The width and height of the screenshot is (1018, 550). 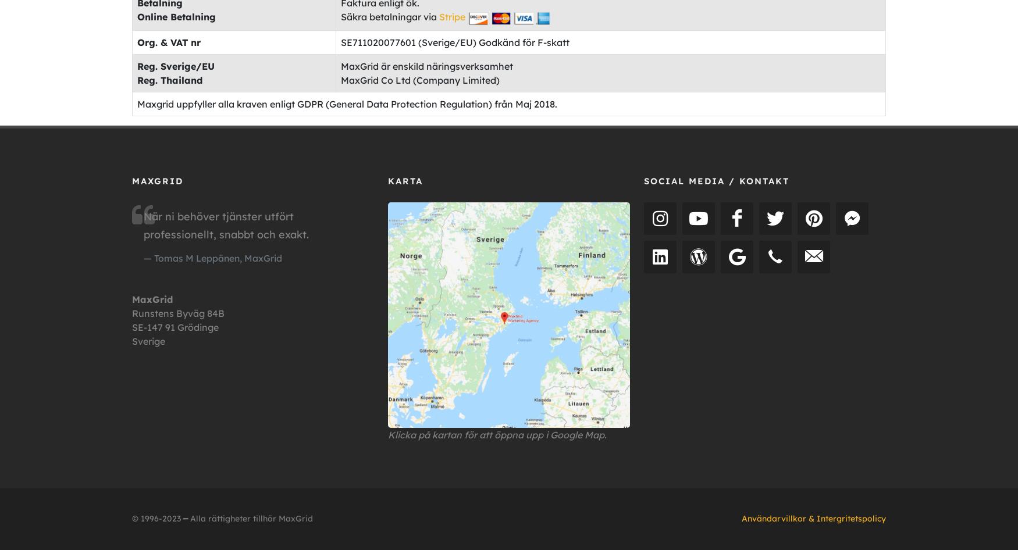 What do you see at coordinates (405, 180) in the screenshot?
I see `'Karta'` at bounding box center [405, 180].